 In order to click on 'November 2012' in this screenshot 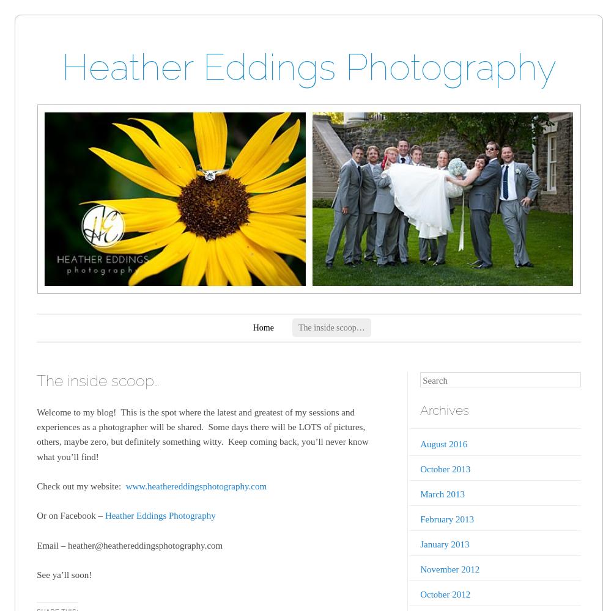, I will do `click(449, 569)`.